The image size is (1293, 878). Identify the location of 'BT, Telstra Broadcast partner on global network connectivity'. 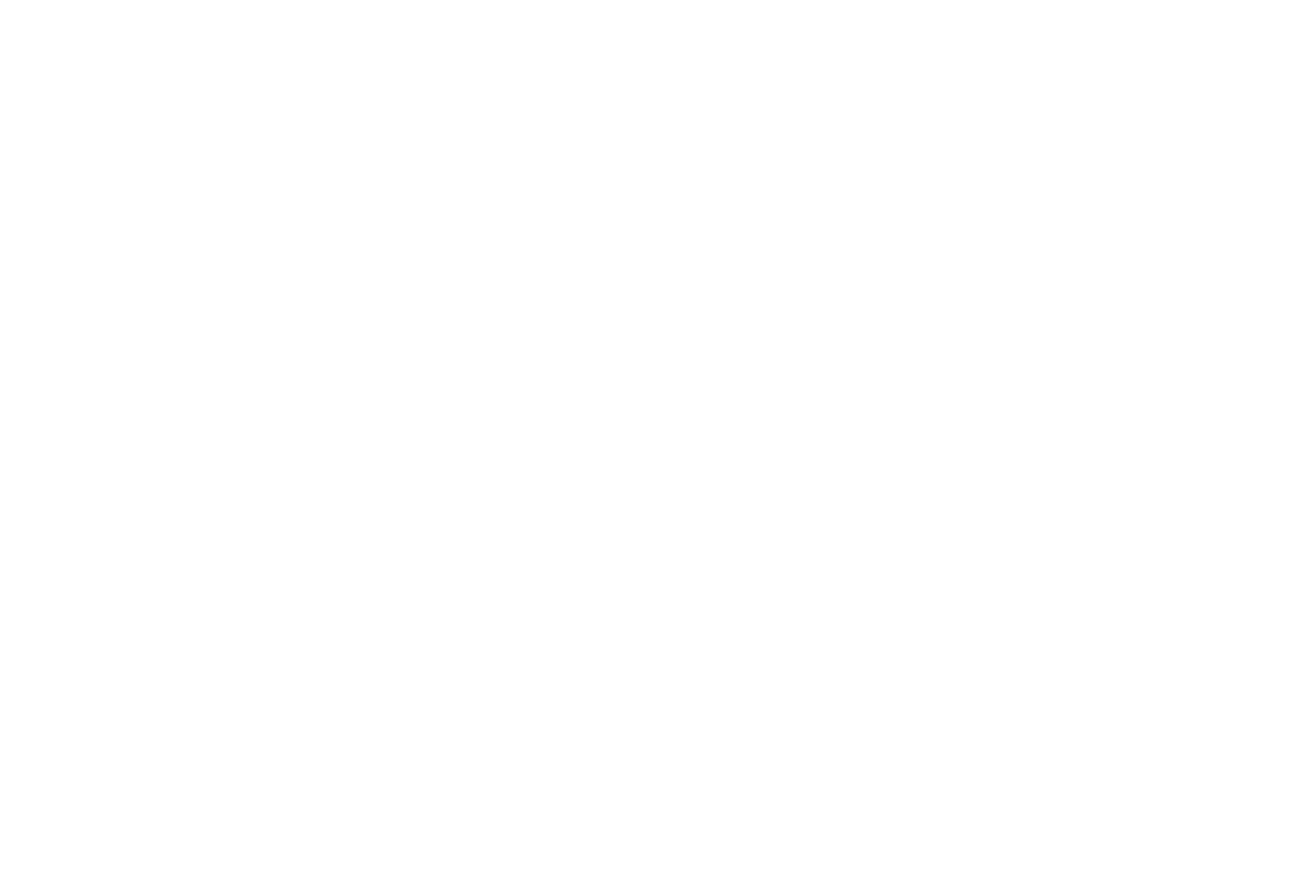
(903, 293).